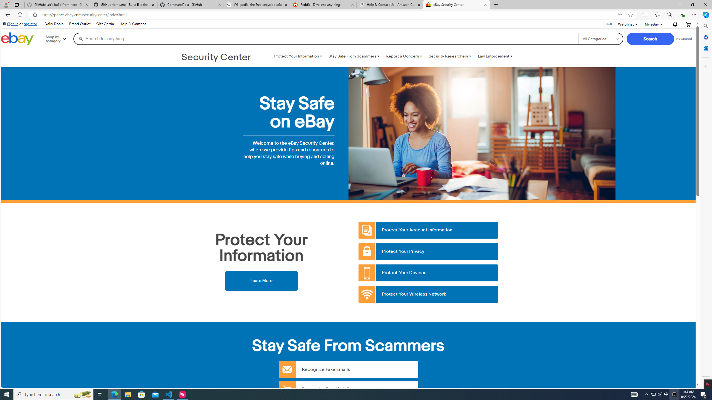  I want to click on 'Your shopping cart', so click(688, 24).